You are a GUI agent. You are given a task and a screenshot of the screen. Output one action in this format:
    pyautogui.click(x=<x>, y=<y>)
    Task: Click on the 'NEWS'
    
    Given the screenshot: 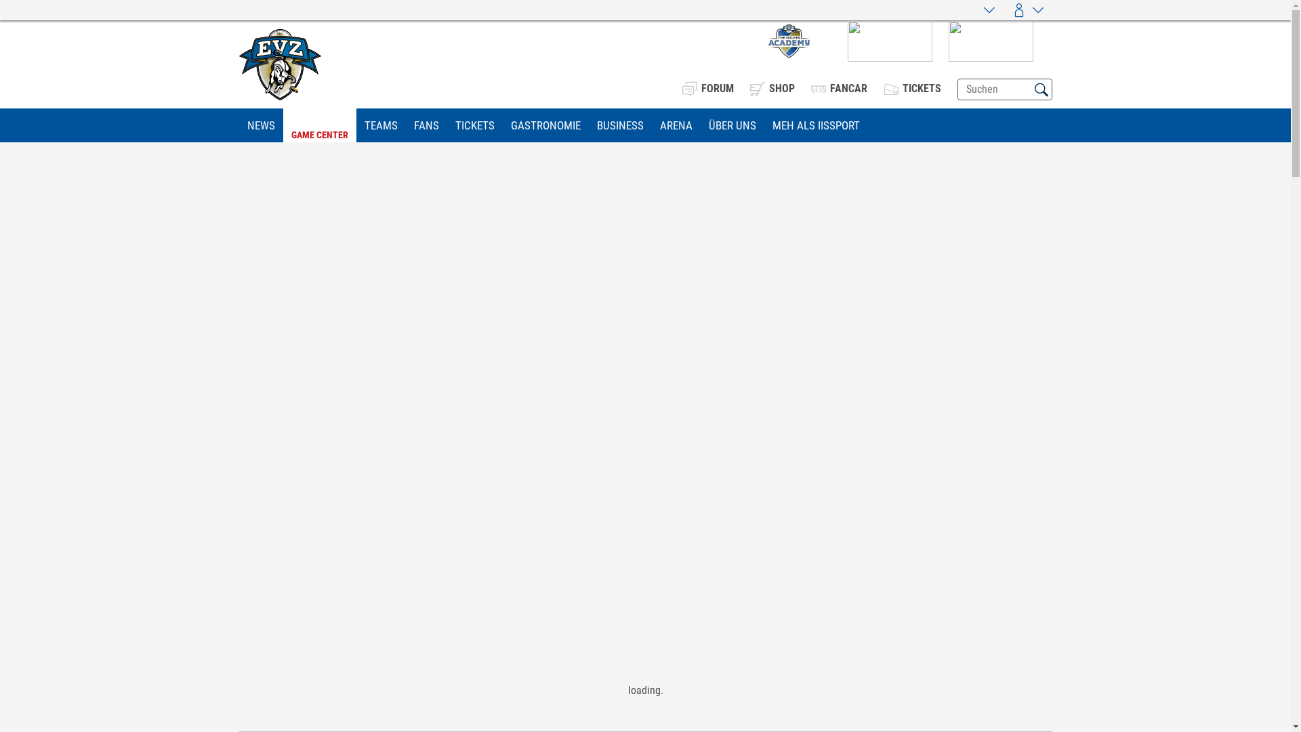 What is the action you would take?
    pyautogui.click(x=260, y=125)
    